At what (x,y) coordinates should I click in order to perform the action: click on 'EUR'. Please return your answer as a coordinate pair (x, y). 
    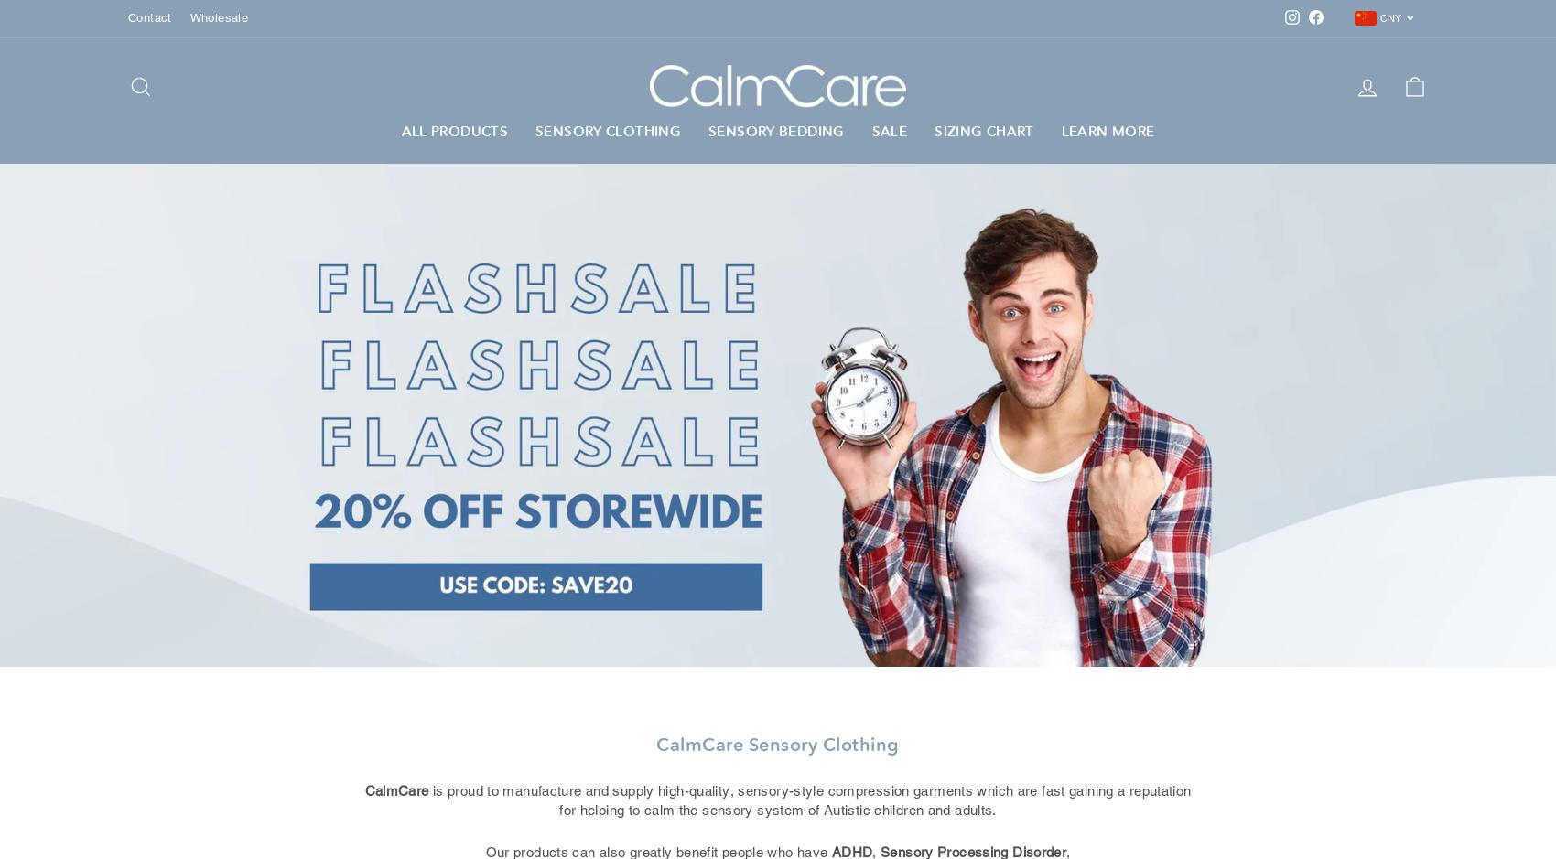
    Looking at the image, I should click on (1385, 105).